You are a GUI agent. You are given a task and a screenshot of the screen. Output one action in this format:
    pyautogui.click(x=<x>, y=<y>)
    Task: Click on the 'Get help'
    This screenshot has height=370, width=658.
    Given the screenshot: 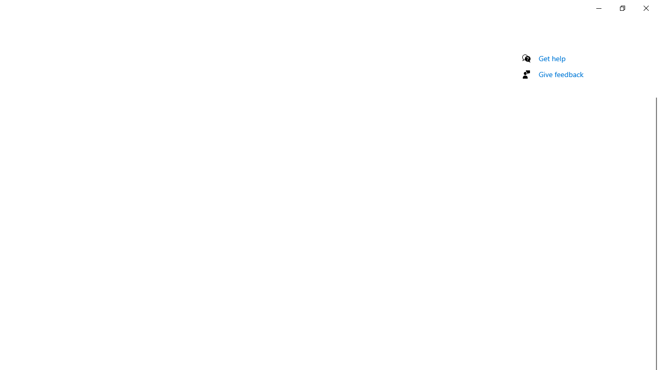 What is the action you would take?
    pyautogui.click(x=552, y=58)
    